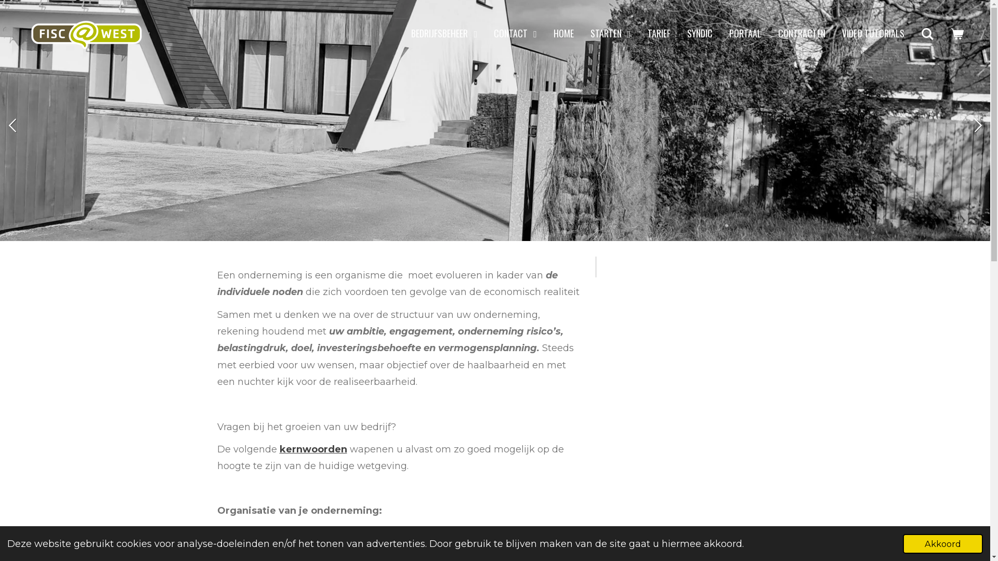 Image resolution: width=998 pixels, height=561 pixels. Describe the element at coordinates (956, 33) in the screenshot. I see `'Bekijk winkelwagen'` at that location.